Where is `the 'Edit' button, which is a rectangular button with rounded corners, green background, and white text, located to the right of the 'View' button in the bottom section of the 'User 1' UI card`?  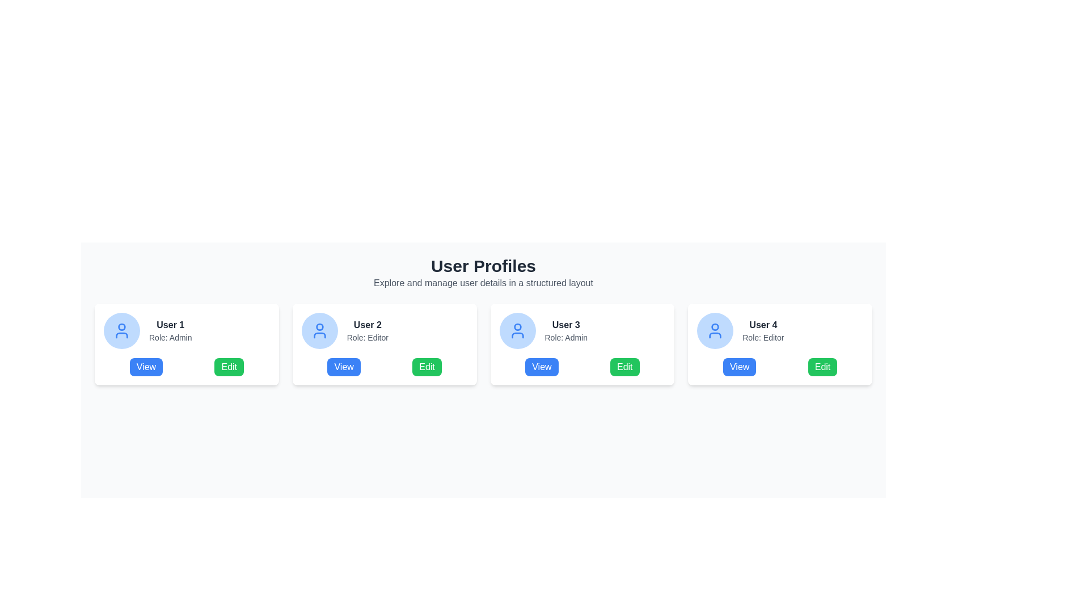 the 'Edit' button, which is a rectangular button with rounded corners, green background, and white text, located to the right of the 'View' button in the bottom section of the 'User 1' UI card is located at coordinates (228, 367).